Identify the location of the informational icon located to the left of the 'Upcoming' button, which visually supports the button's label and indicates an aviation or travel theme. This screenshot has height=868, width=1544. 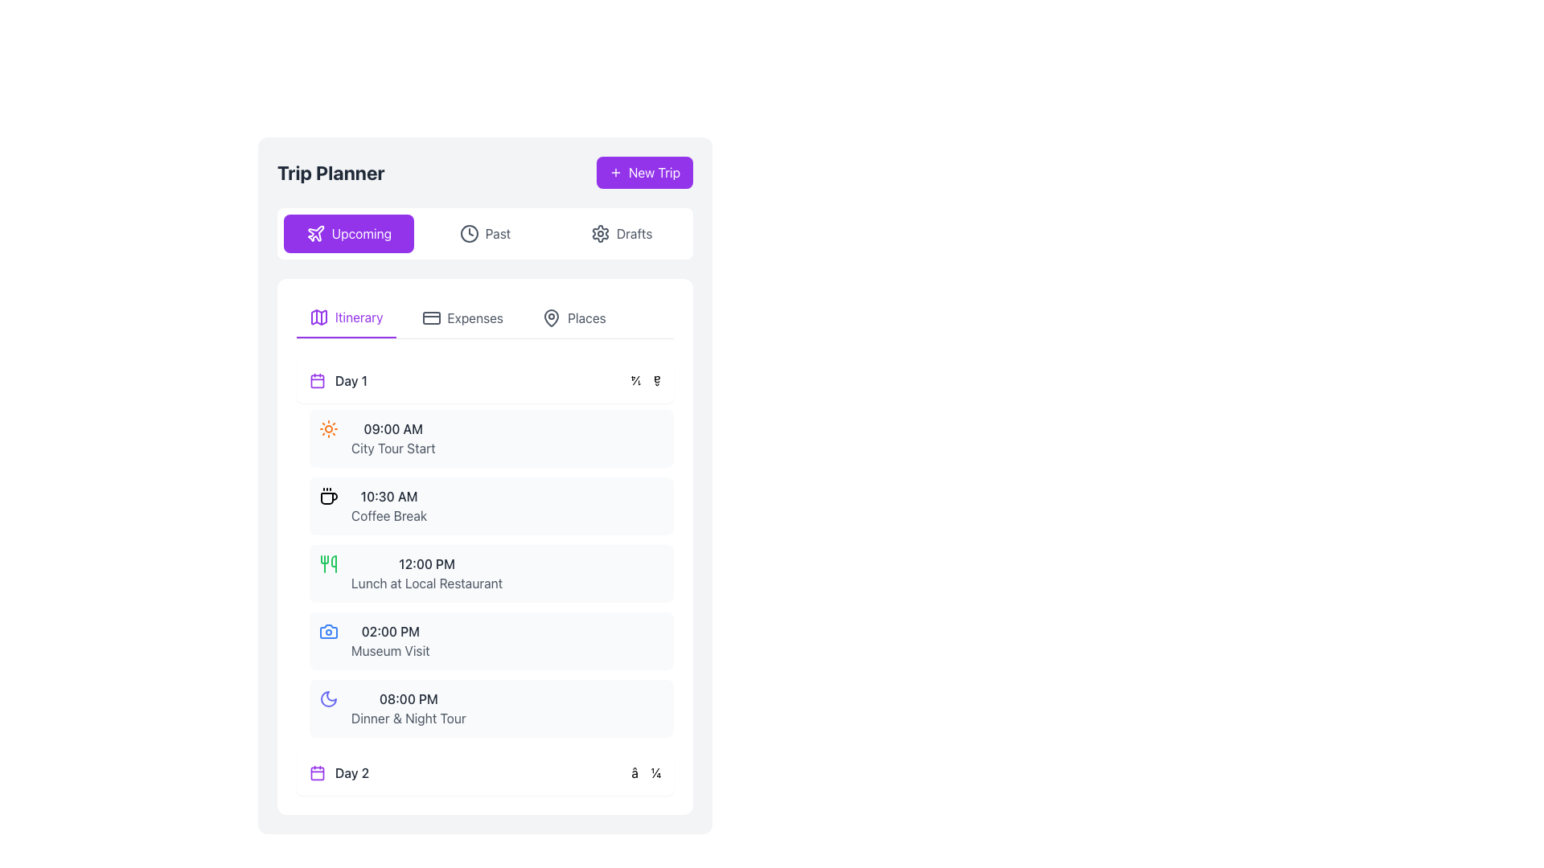
(315, 233).